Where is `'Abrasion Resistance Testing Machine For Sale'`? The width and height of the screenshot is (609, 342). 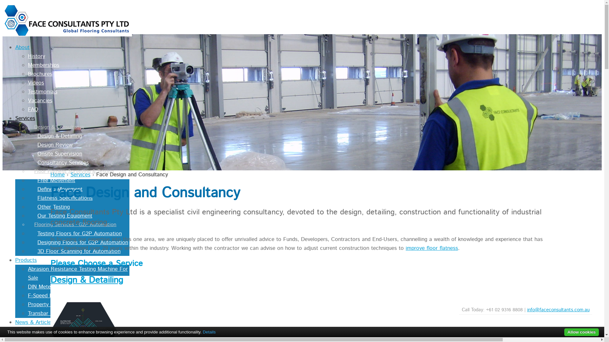 'Abrasion Resistance Testing Machine For Sale' is located at coordinates (77, 273).